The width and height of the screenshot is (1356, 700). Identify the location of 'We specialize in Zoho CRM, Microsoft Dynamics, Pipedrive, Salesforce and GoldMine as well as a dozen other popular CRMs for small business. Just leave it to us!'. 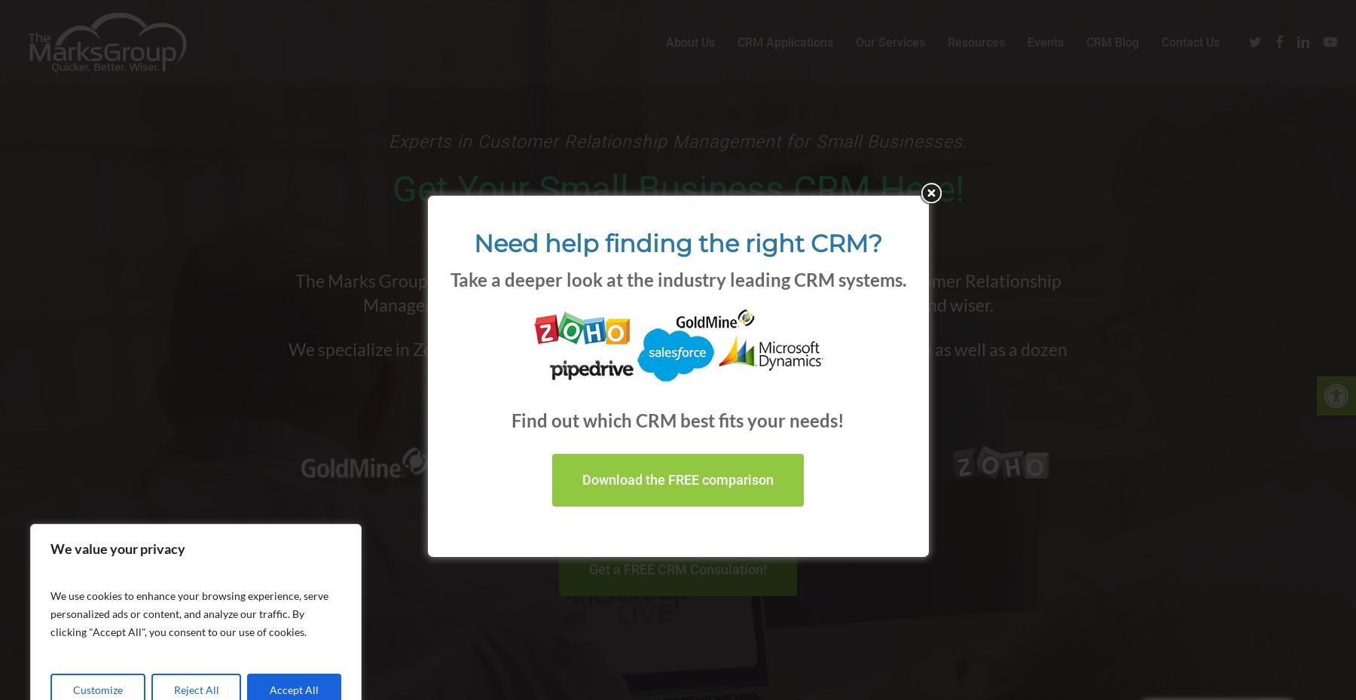
(678, 360).